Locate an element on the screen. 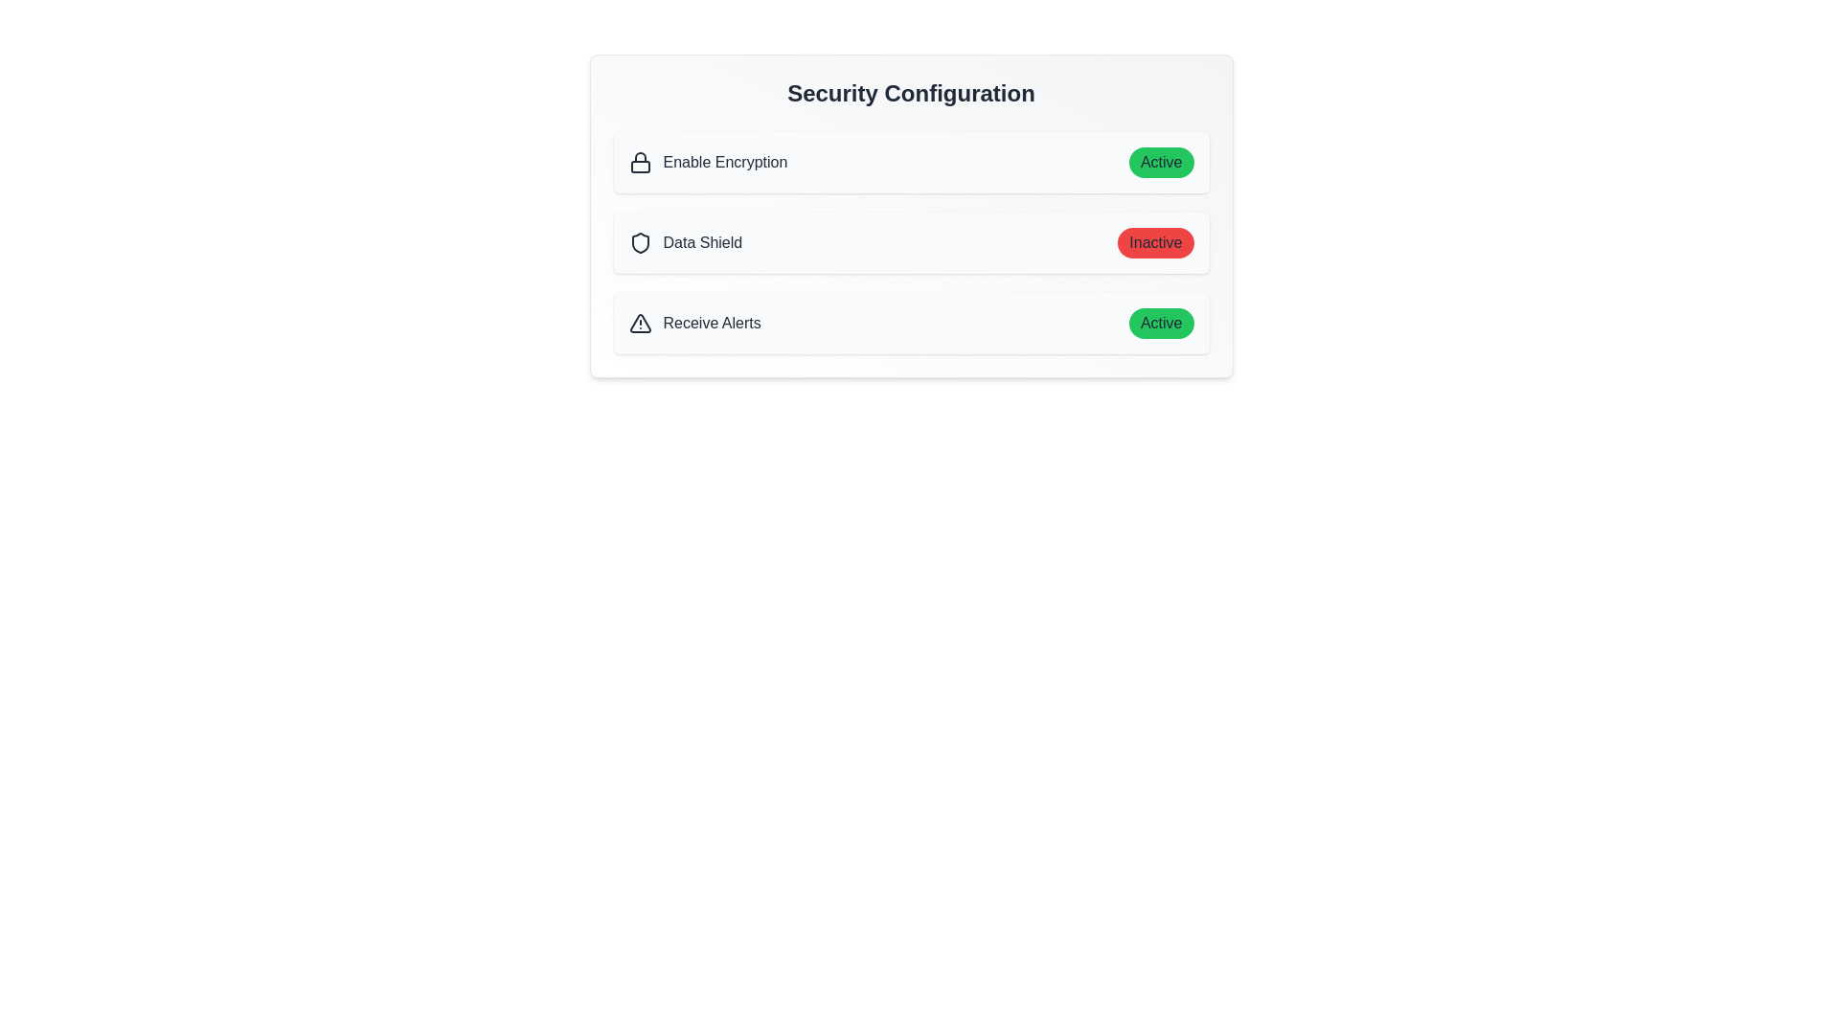  the 'Receive Alerts' text label, which is styled in bold and dark font, part of the 'Security Configuration' list, positioned beside an alert icon and to the left of the 'Active' button is located at coordinates (711, 323).